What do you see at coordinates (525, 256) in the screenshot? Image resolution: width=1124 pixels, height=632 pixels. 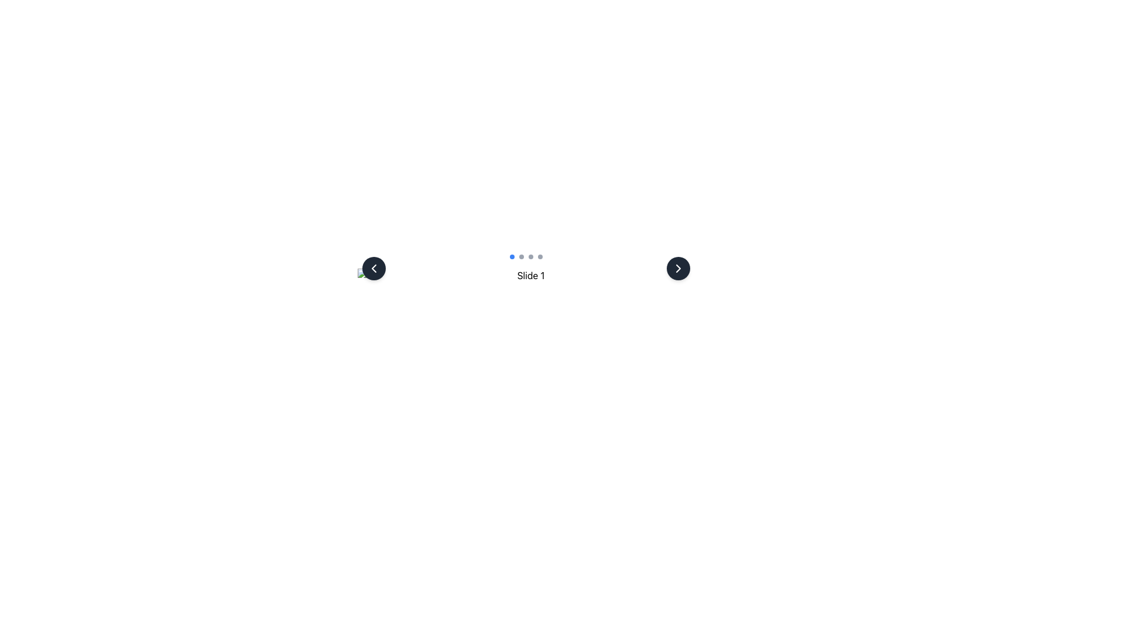 I see `the carousel navigation indicator located centrally near the bottom of the interface` at bounding box center [525, 256].